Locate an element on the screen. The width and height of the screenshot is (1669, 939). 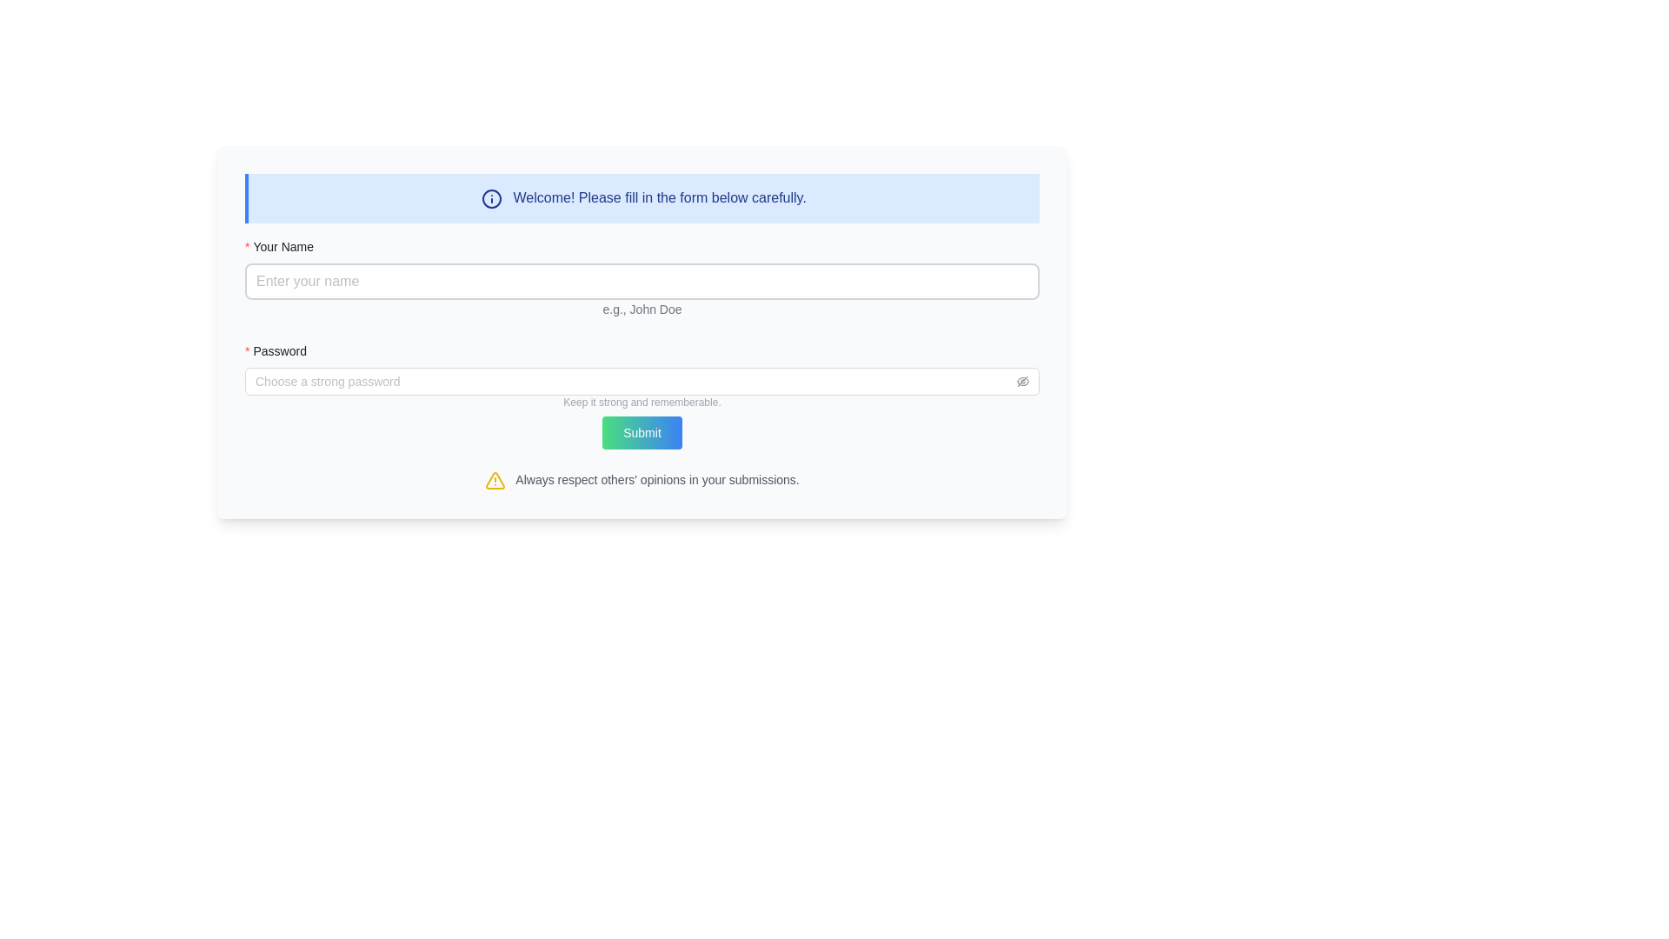
the instructional text or placeholder example located below the 'Your Name' text input field, which provides formatting guidance for the name input is located at coordinates (642, 307).